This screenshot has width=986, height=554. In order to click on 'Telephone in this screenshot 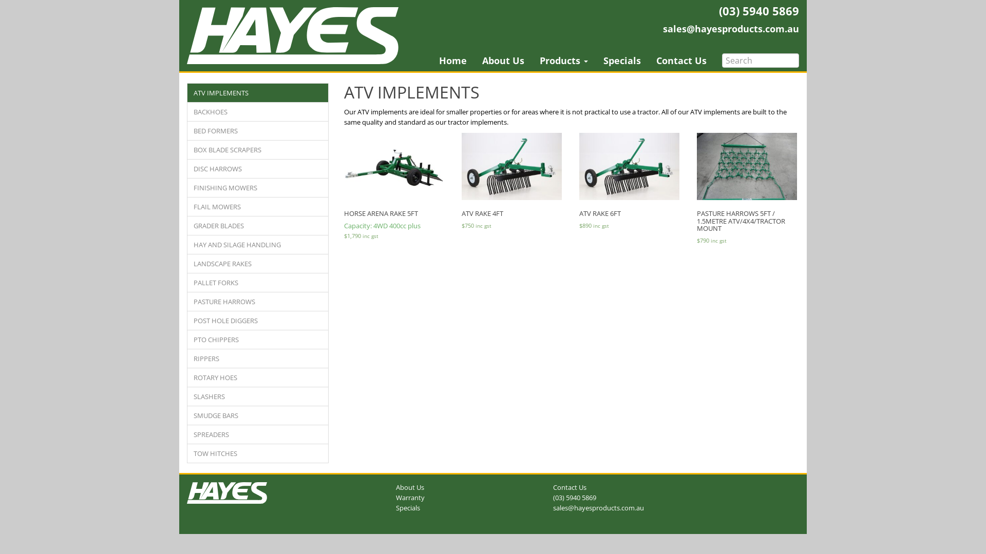, I will do `click(574, 497)`.